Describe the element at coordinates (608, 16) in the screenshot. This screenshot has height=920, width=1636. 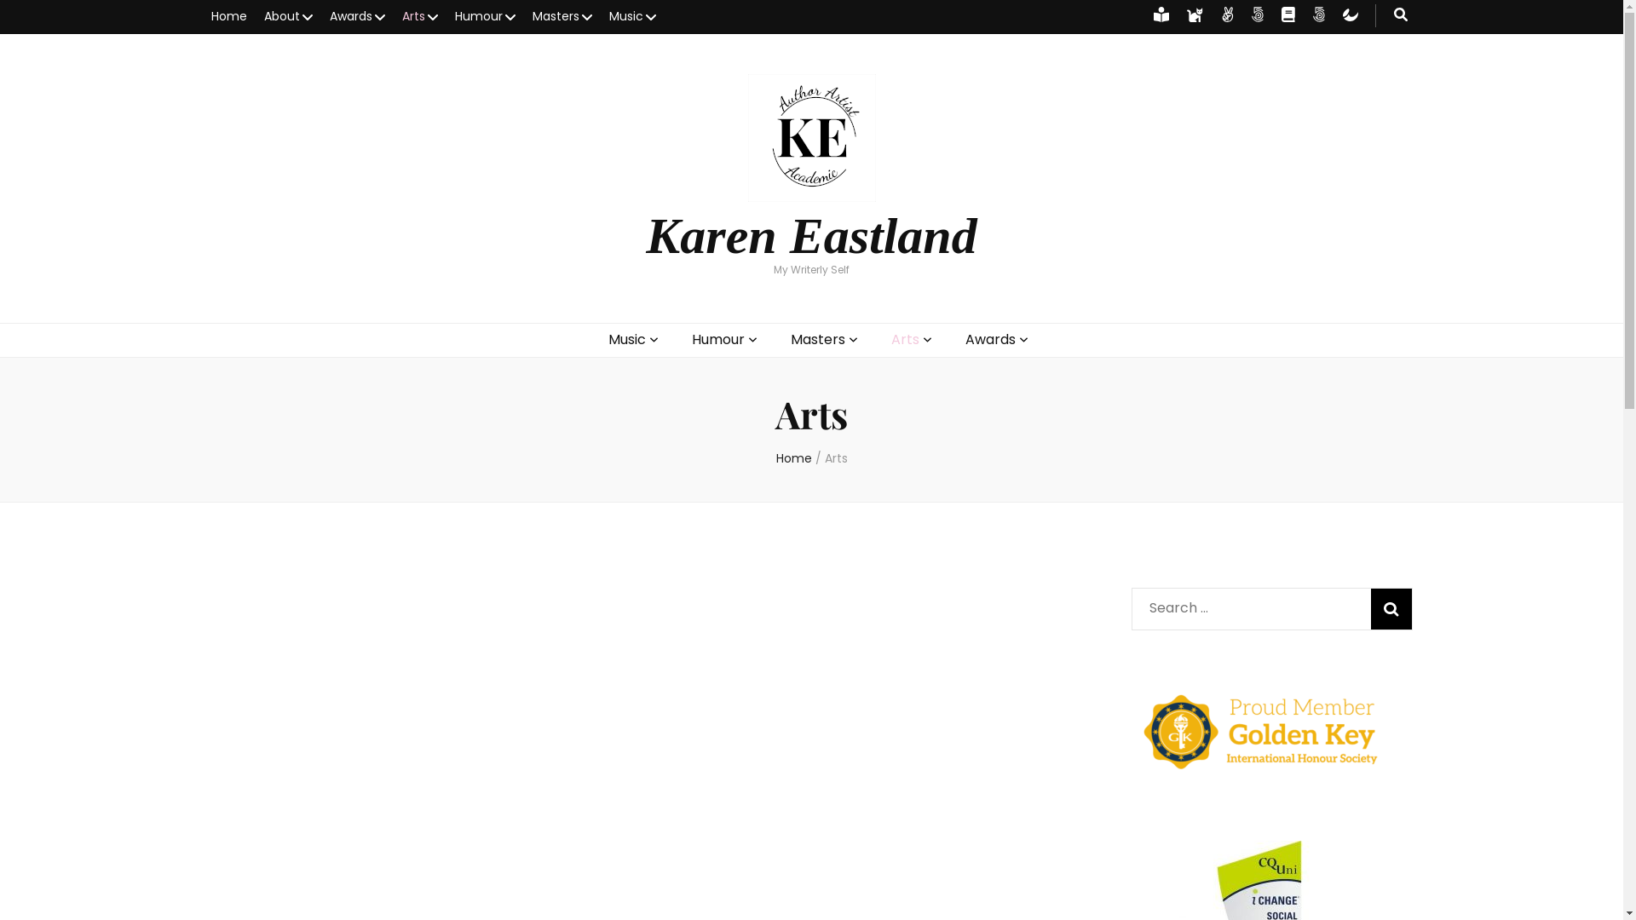
I see `'Music'` at that location.